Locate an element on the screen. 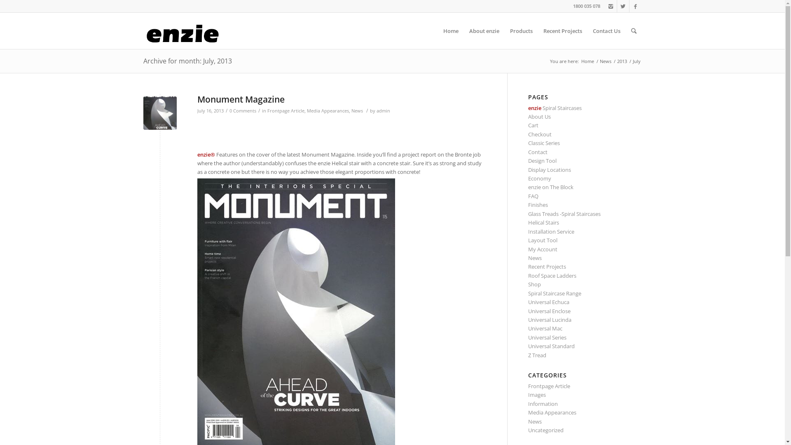  'News' is located at coordinates (351, 110).